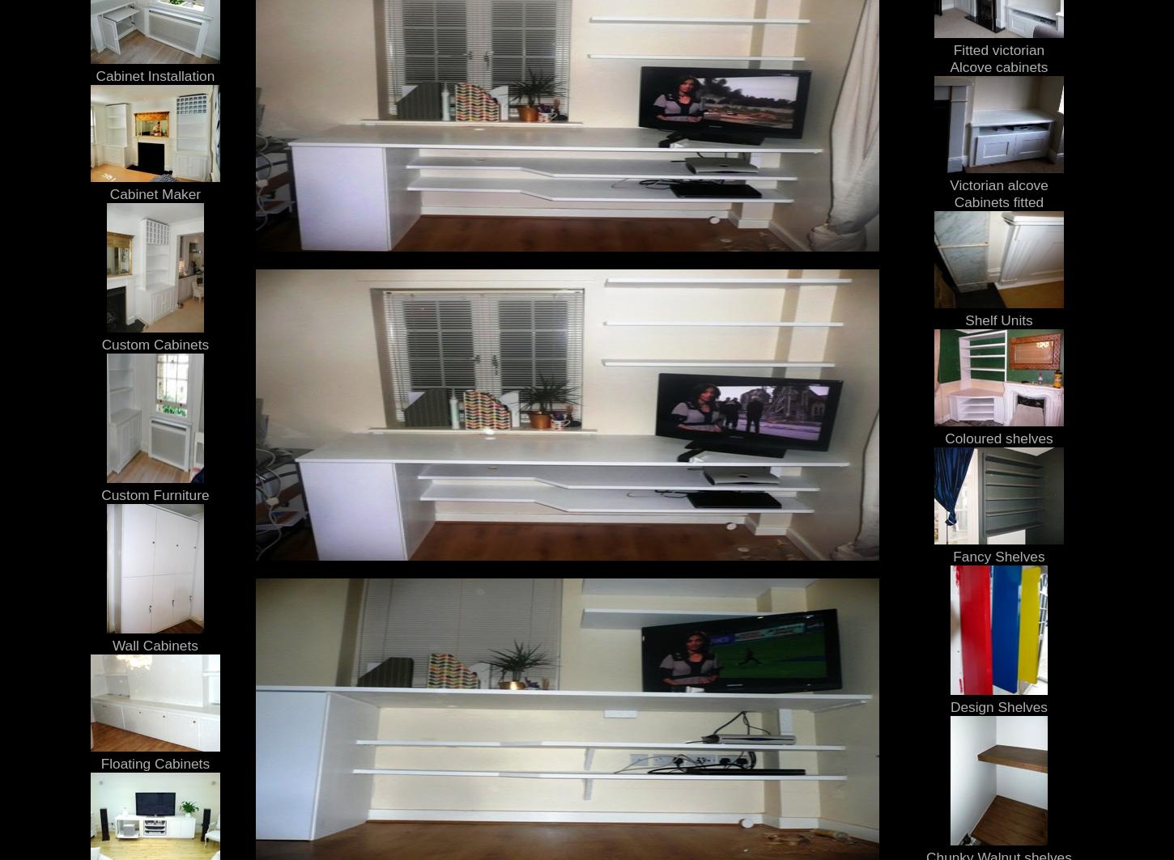 This screenshot has height=860, width=1174. I want to click on 'Fitted victorian', so click(998, 49).